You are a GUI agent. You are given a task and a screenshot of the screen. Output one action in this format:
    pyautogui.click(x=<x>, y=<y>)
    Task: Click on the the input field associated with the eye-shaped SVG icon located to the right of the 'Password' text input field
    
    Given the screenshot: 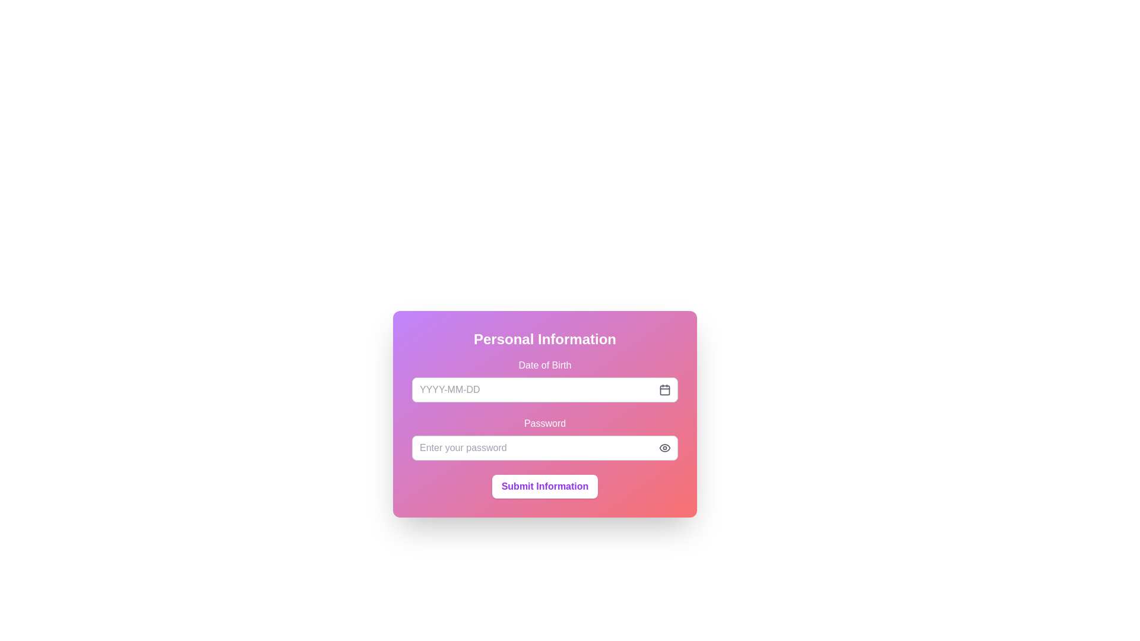 What is the action you would take?
    pyautogui.click(x=664, y=448)
    